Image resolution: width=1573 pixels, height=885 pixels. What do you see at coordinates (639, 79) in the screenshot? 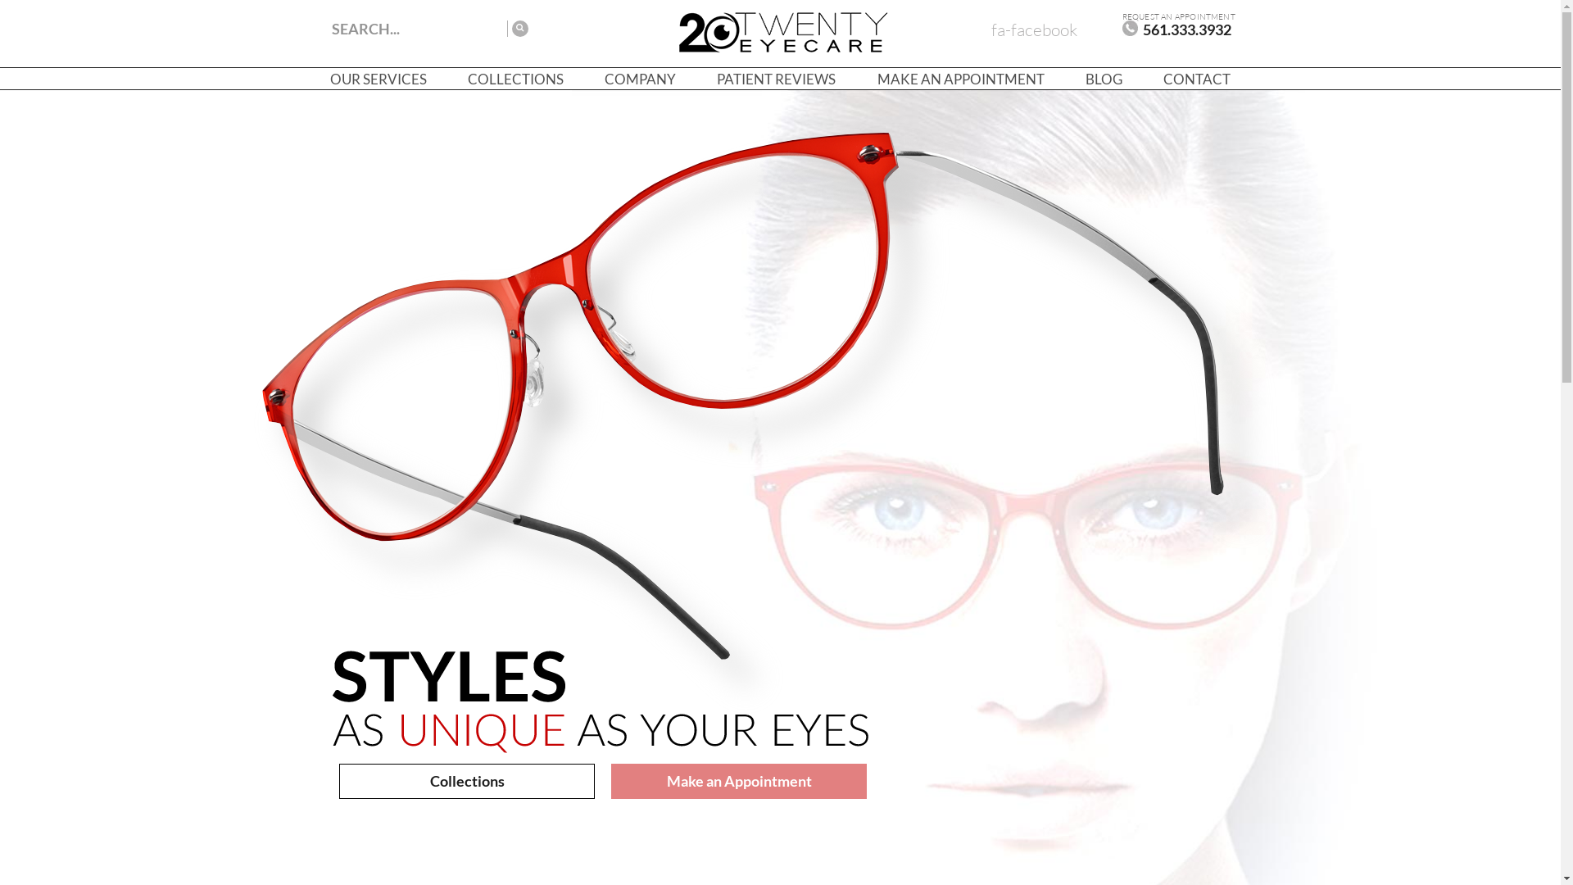
I see `'COMPANY'` at bounding box center [639, 79].